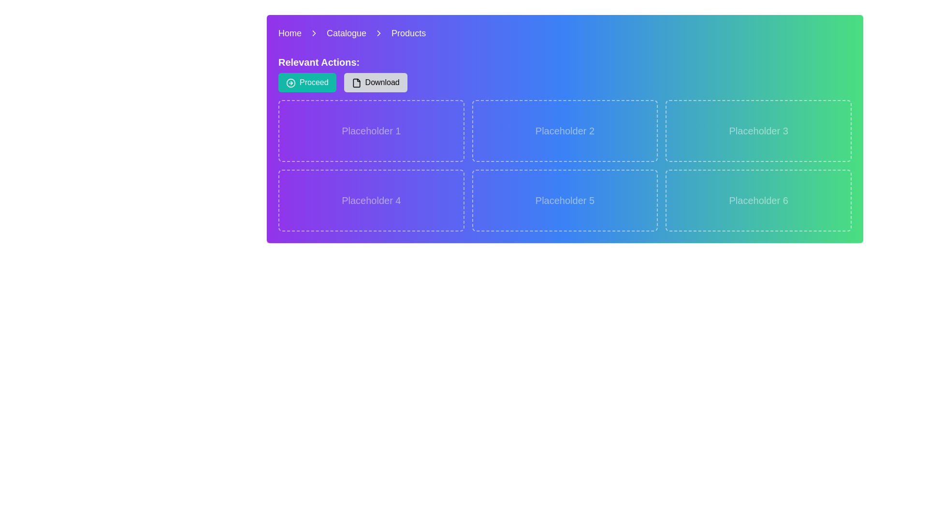  I want to click on the 'Home' hyperlink in the breadcrumb navigation bar to underline the text, so click(290, 33).